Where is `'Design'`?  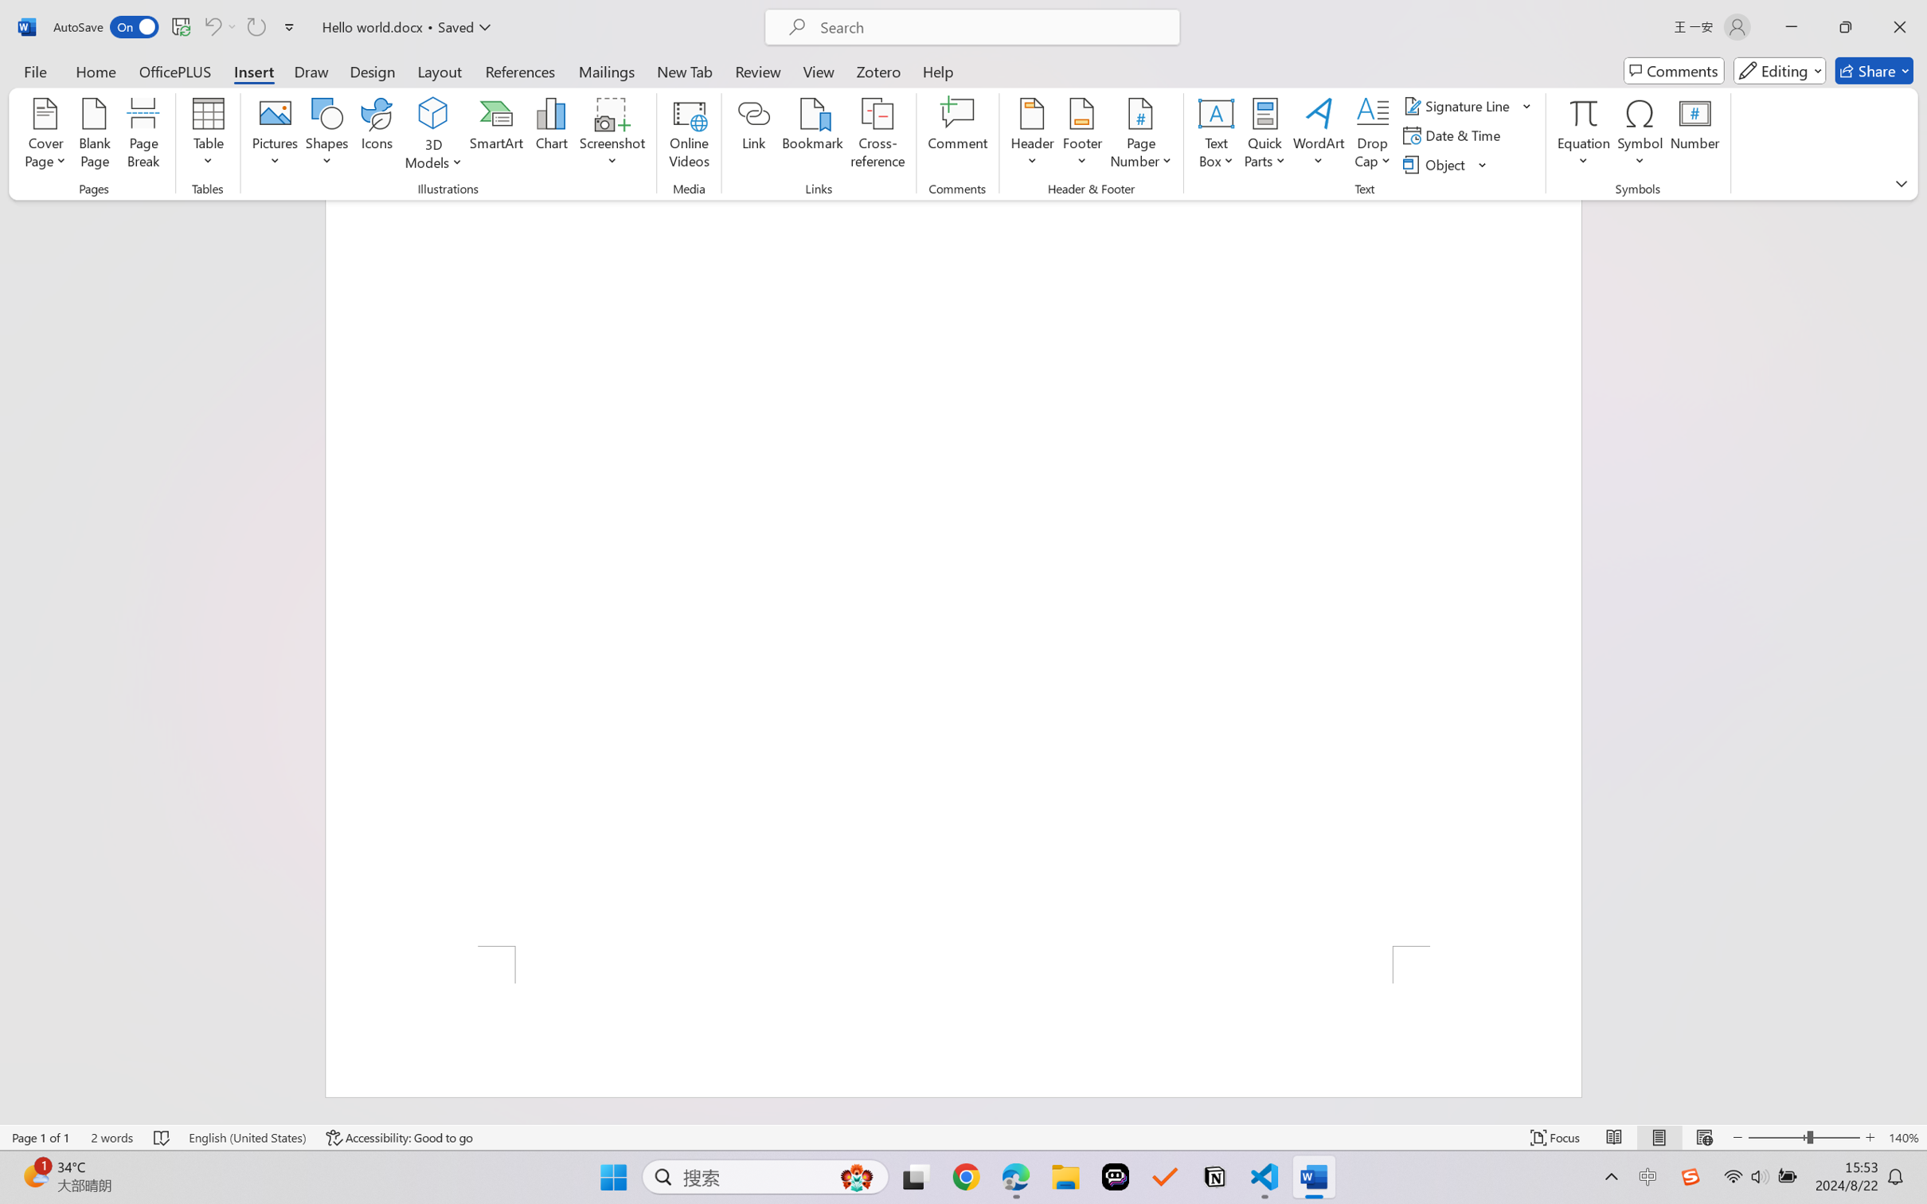 'Design' is located at coordinates (372, 70).